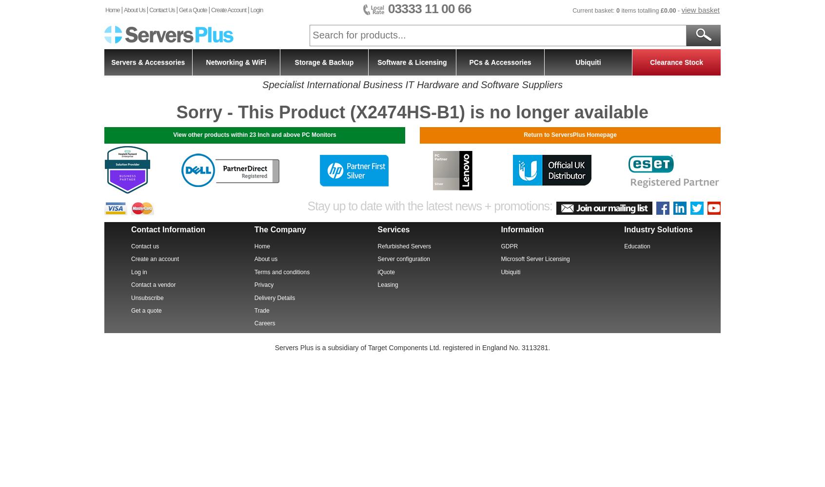 The image size is (825, 487). What do you see at coordinates (700, 10) in the screenshot?
I see `'view basket'` at bounding box center [700, 10].